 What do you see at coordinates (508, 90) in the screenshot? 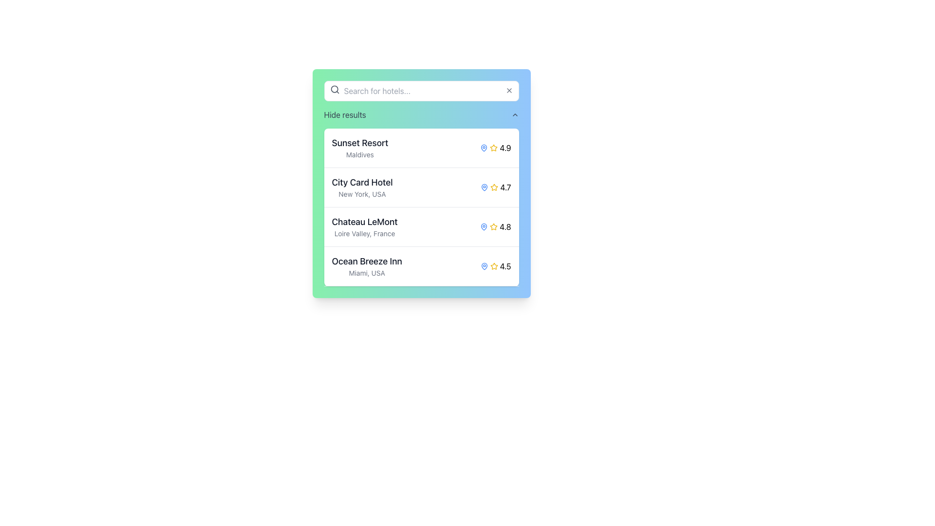
I see `the clear or close icon button located at the top right corner of the search bar to clear the input or close the search interface` at bounding box center [508, 90].